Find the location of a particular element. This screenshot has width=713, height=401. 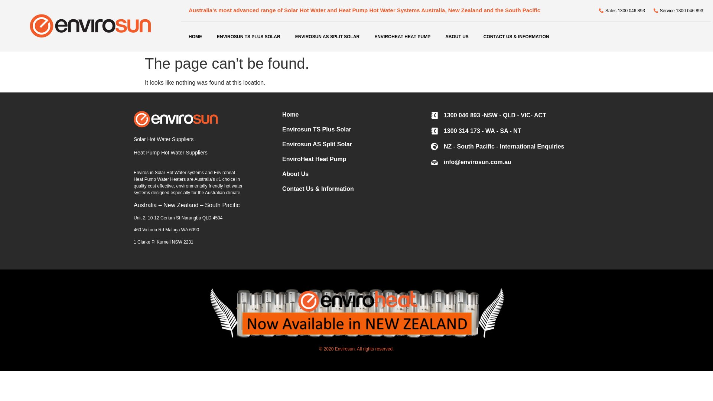

'Envirosun TS Plus Solar' is located at coordinates (281, 129).